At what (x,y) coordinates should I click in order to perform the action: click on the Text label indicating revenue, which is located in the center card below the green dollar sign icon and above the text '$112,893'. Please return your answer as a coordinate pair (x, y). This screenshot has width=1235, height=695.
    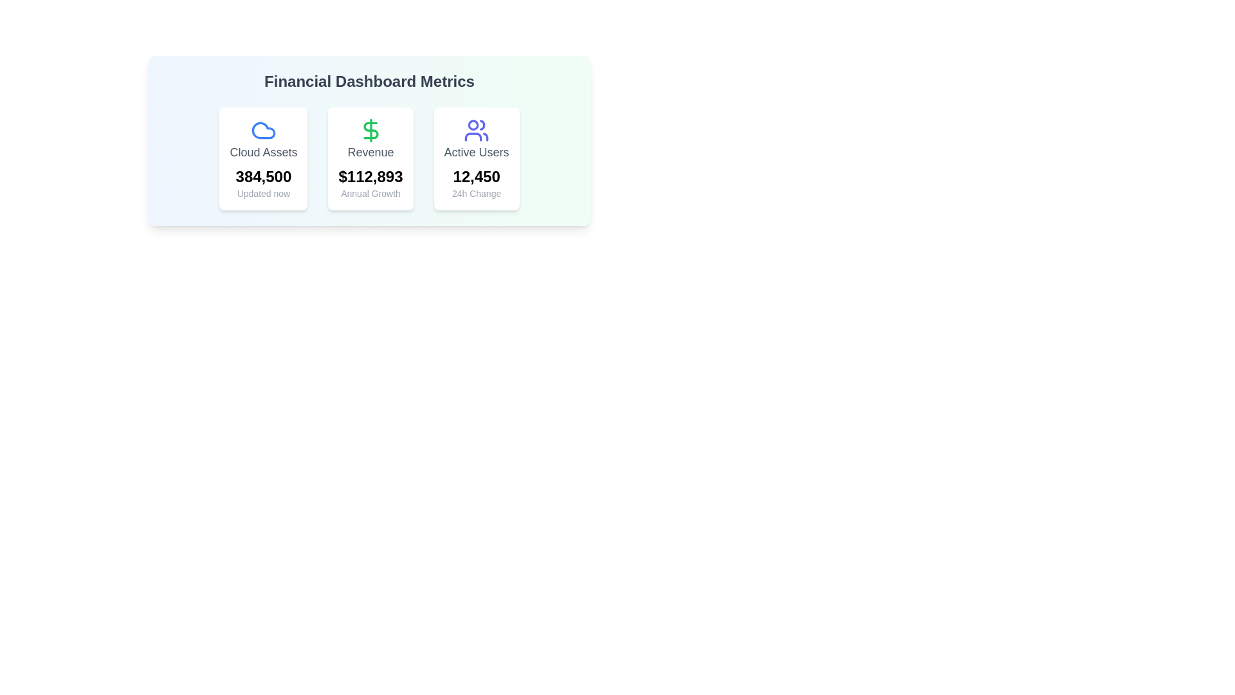
    Looking at the image, I should click on (370, 151).